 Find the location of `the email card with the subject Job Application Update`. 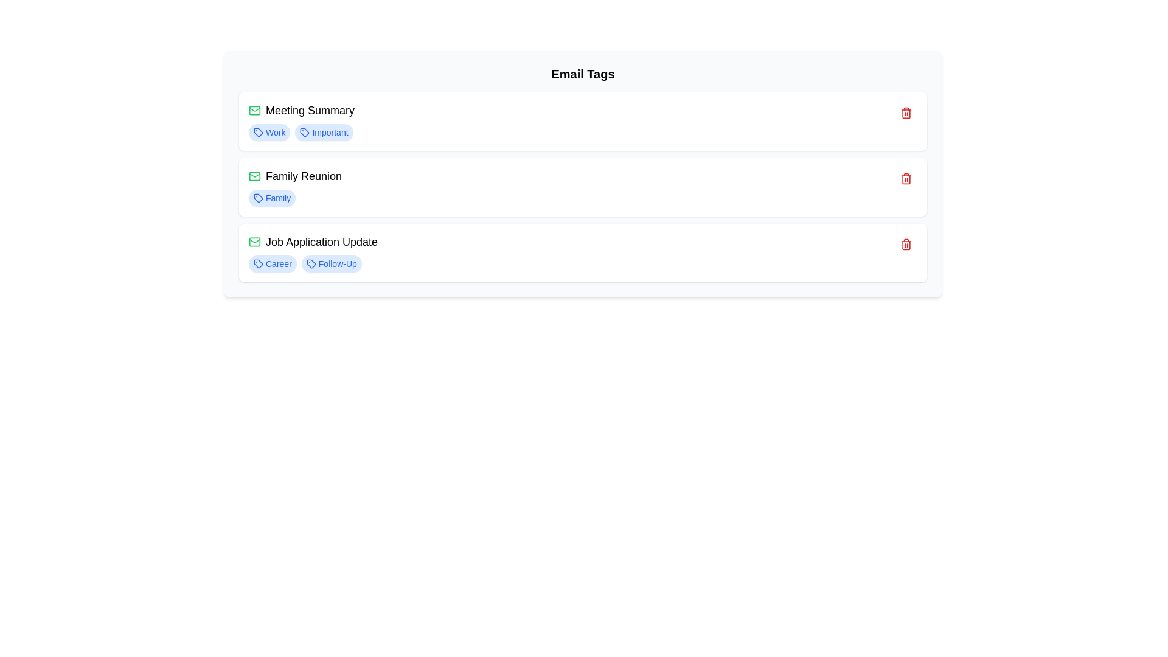

the email card with the subject Job Application Update is located at coordinates (582, 252).